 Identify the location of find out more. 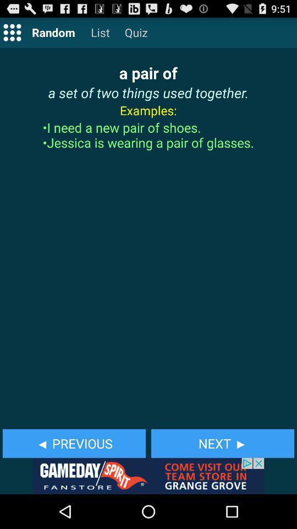
(148, 476).